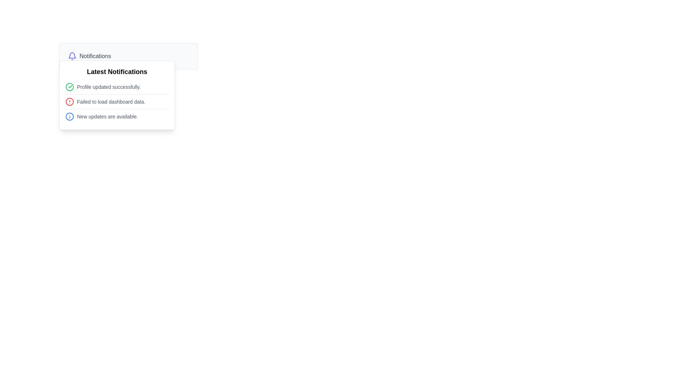 This screenshot has height=390, width=694. I want to click on informational notification message located at the bottom of the notification panel, which indicates the availability of new updates, so click(117, 116).